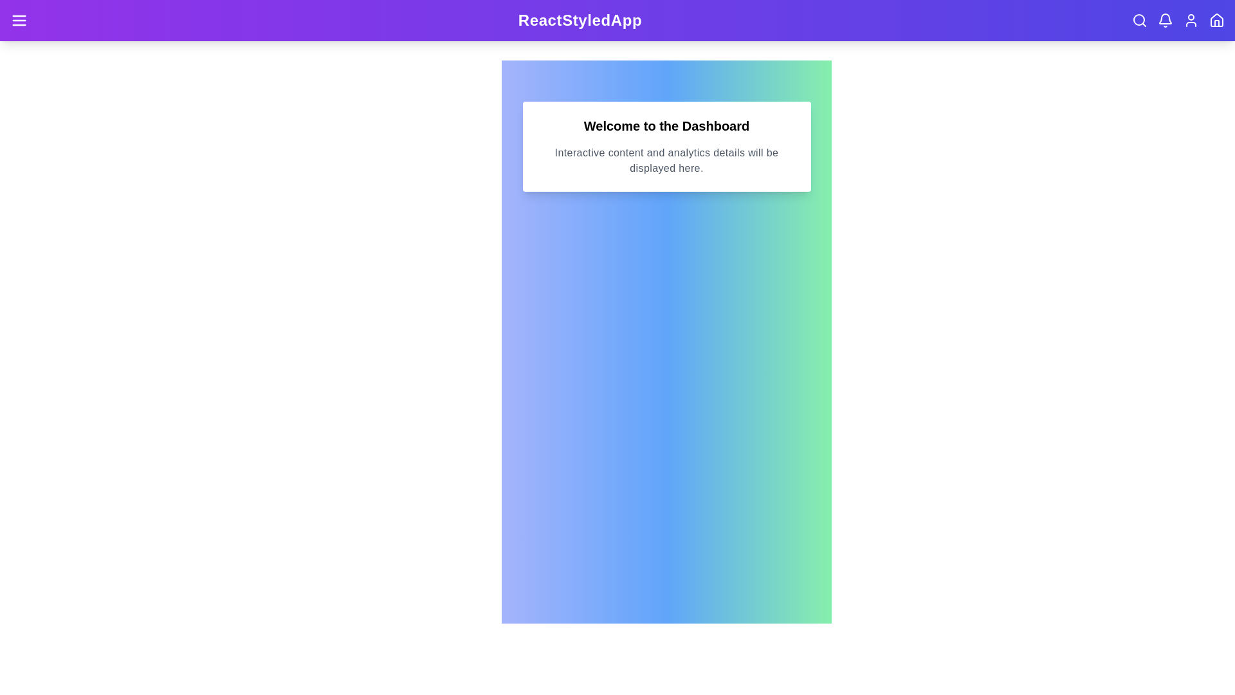 This screenshot has width=1235, height=695. What do you see at coordinates (1191, 20) in the screenshot?
I see `the User navigation icon to navigate` at bounding box center [1191, 20].